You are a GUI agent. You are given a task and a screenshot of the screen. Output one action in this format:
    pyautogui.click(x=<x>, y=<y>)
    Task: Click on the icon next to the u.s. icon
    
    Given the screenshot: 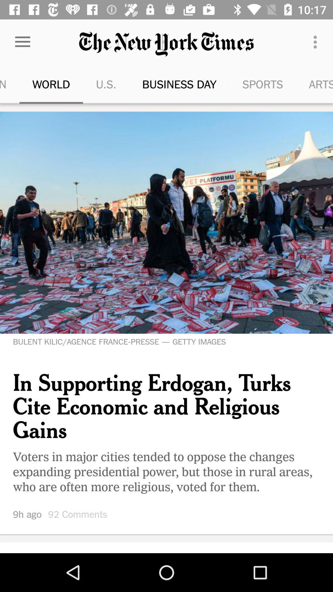 What is the action you would take?
    pyautogui.click(x=163, y=84)
    